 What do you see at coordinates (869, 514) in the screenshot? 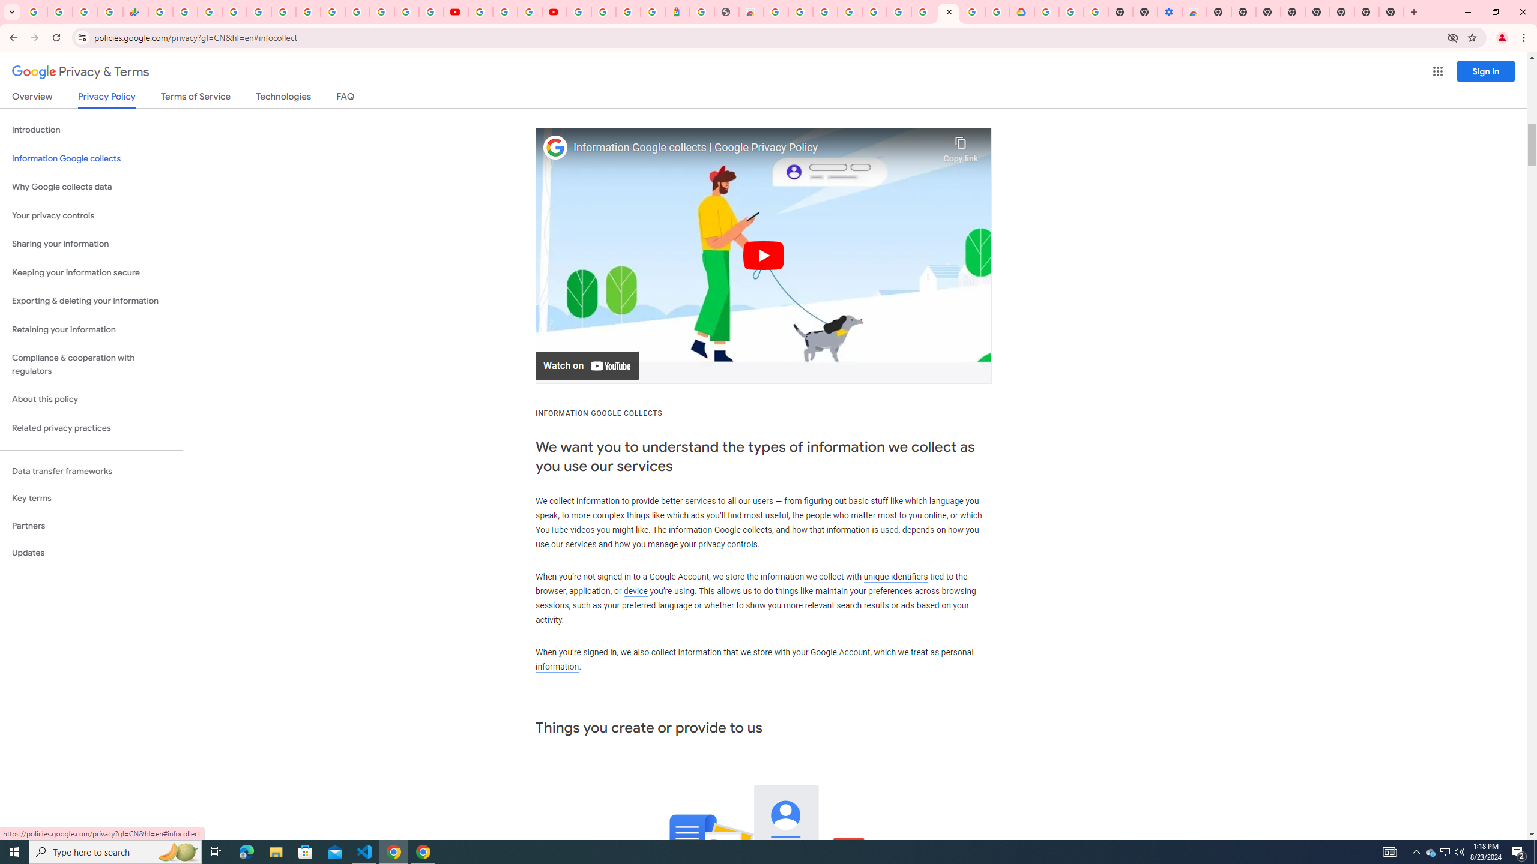
I see `'the people who matter most to you online'` at bounding box center [869, 514].